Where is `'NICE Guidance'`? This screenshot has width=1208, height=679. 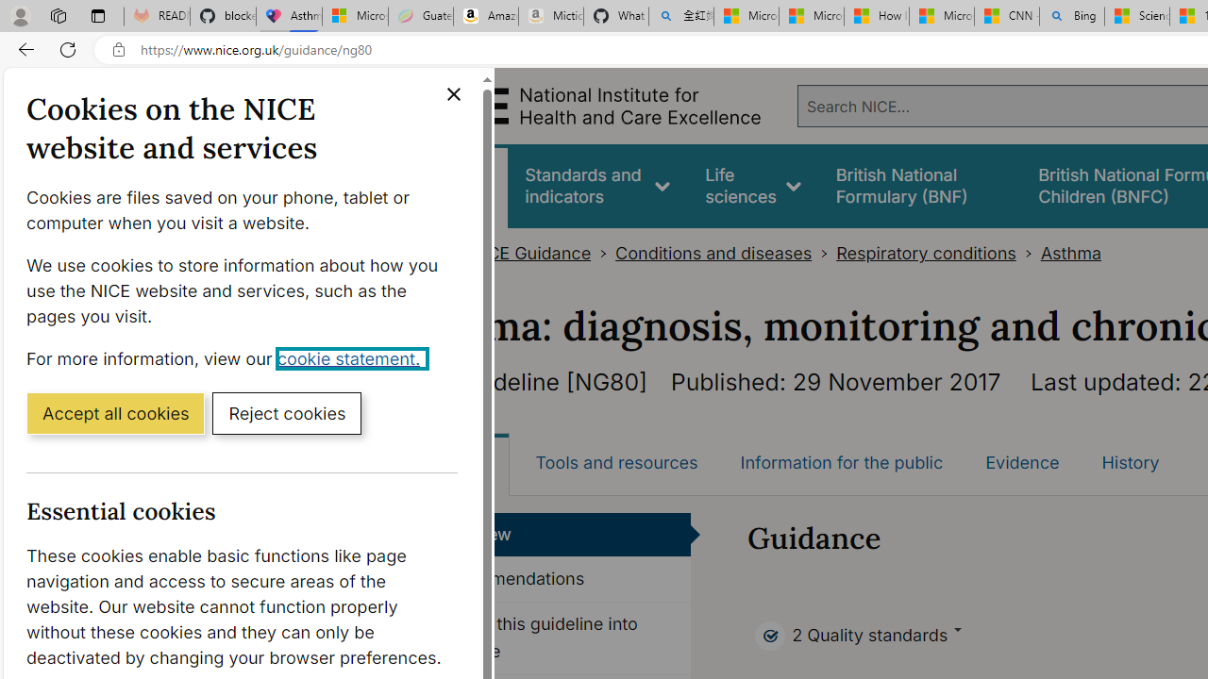 'NICE Guidance' is located at coordinates (528, 253).